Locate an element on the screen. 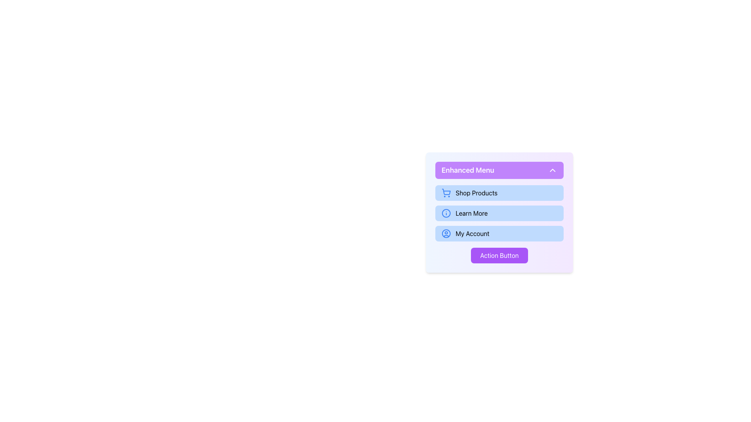 The image size is (751, 422). the upward-pointing chevron icon button located at the rightmost part of the 'Enhanced Menu' header for keyboard interaction is located at coordinates (552, 170).